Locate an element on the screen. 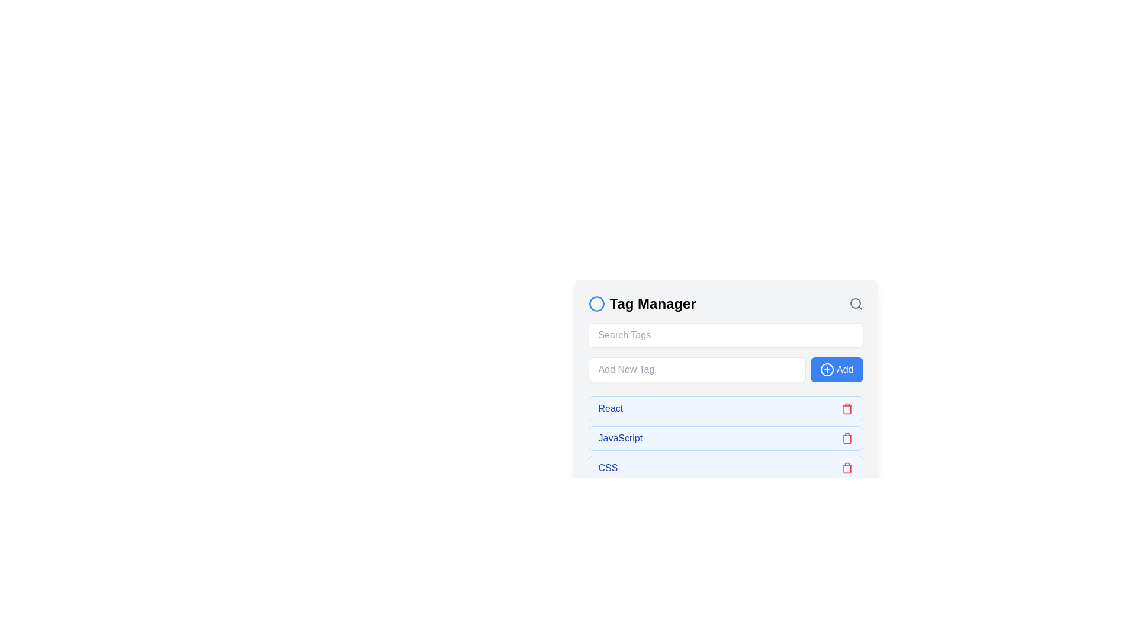 Image resolution: width=1137 pixels, height=640 pixels. the circular search icon component located in the top-right corner of the interface, which is part of the magnifying glass icon used for search functionality is located at coordinates (855, 303).